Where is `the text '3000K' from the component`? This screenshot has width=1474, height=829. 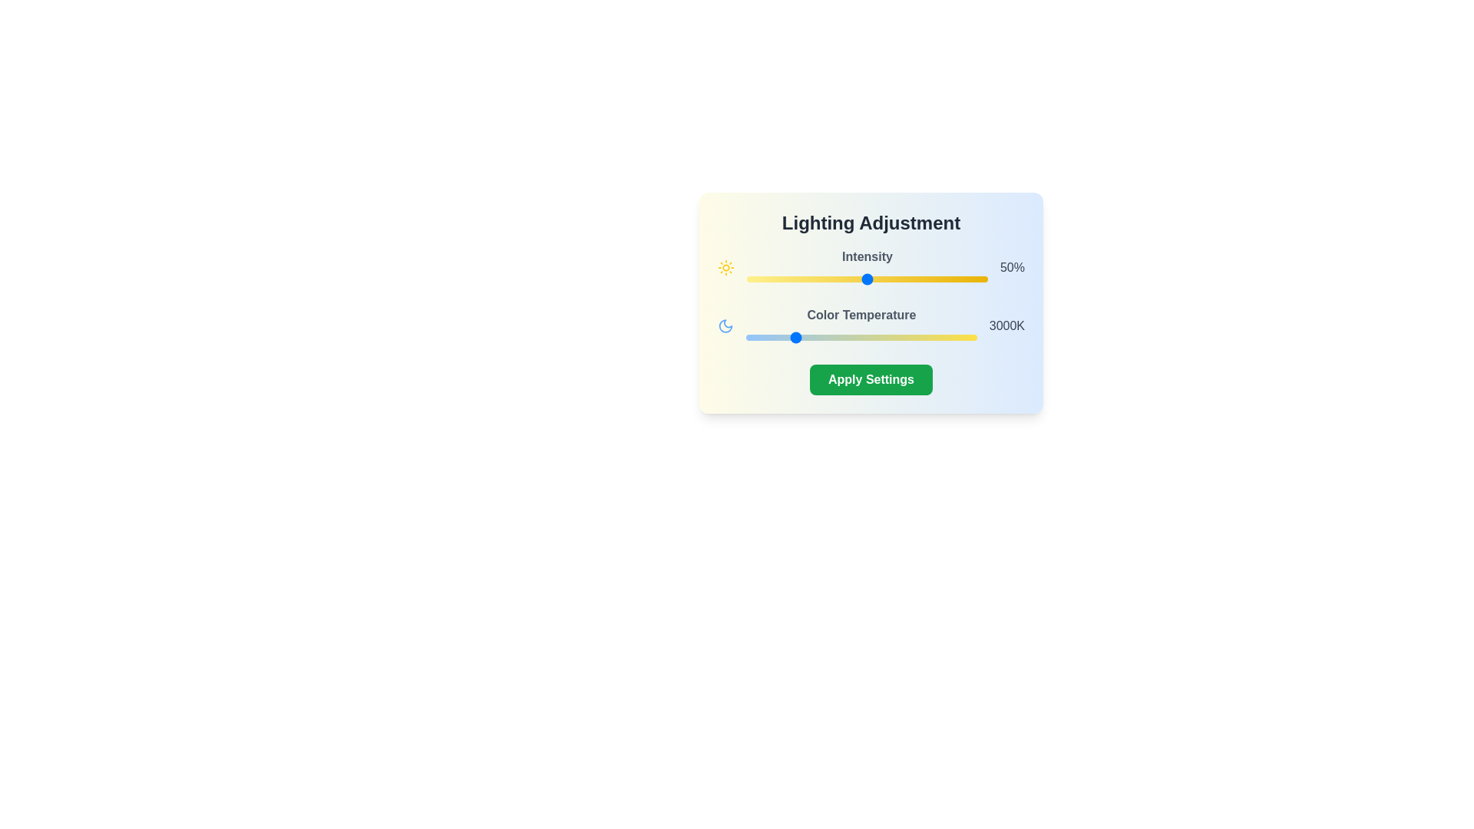
the text '3000K' from the component is located at coordinates (1006, 325).